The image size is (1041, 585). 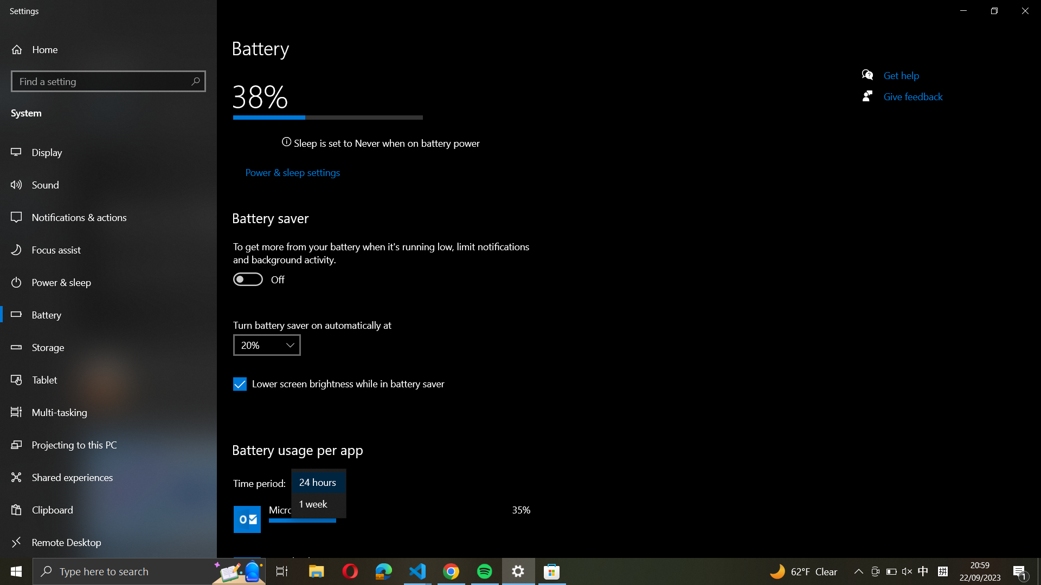 What do you see at coordinates (108, 80) in the screenshot?
I see `Search for "windows updates settings" from the left panel` at bounding box center [108, 80].